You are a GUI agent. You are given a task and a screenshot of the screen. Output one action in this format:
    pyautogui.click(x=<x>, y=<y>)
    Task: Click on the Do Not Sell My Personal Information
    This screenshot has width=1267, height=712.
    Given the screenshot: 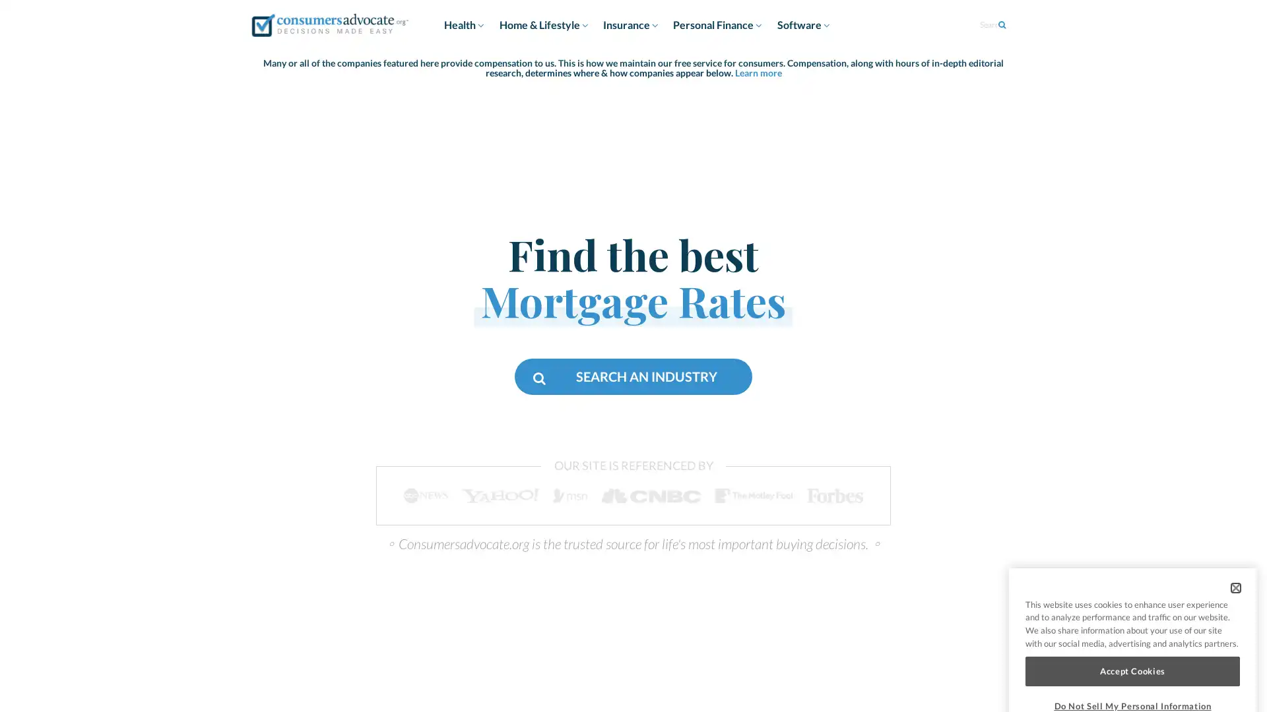 What is the action you would take?
    pyautogui.click(x=1132, y=661)
    